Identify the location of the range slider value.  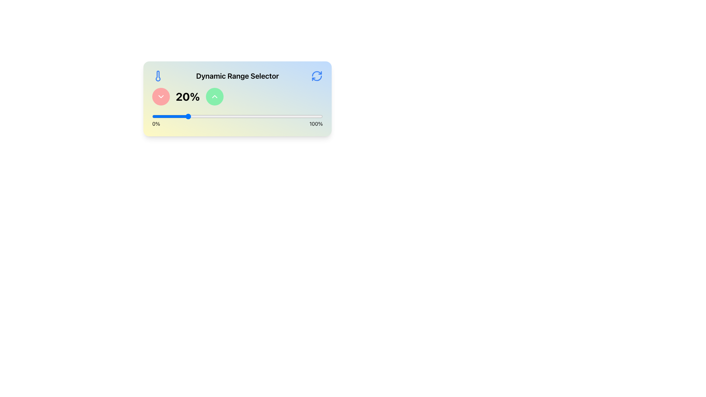
(309, 116).